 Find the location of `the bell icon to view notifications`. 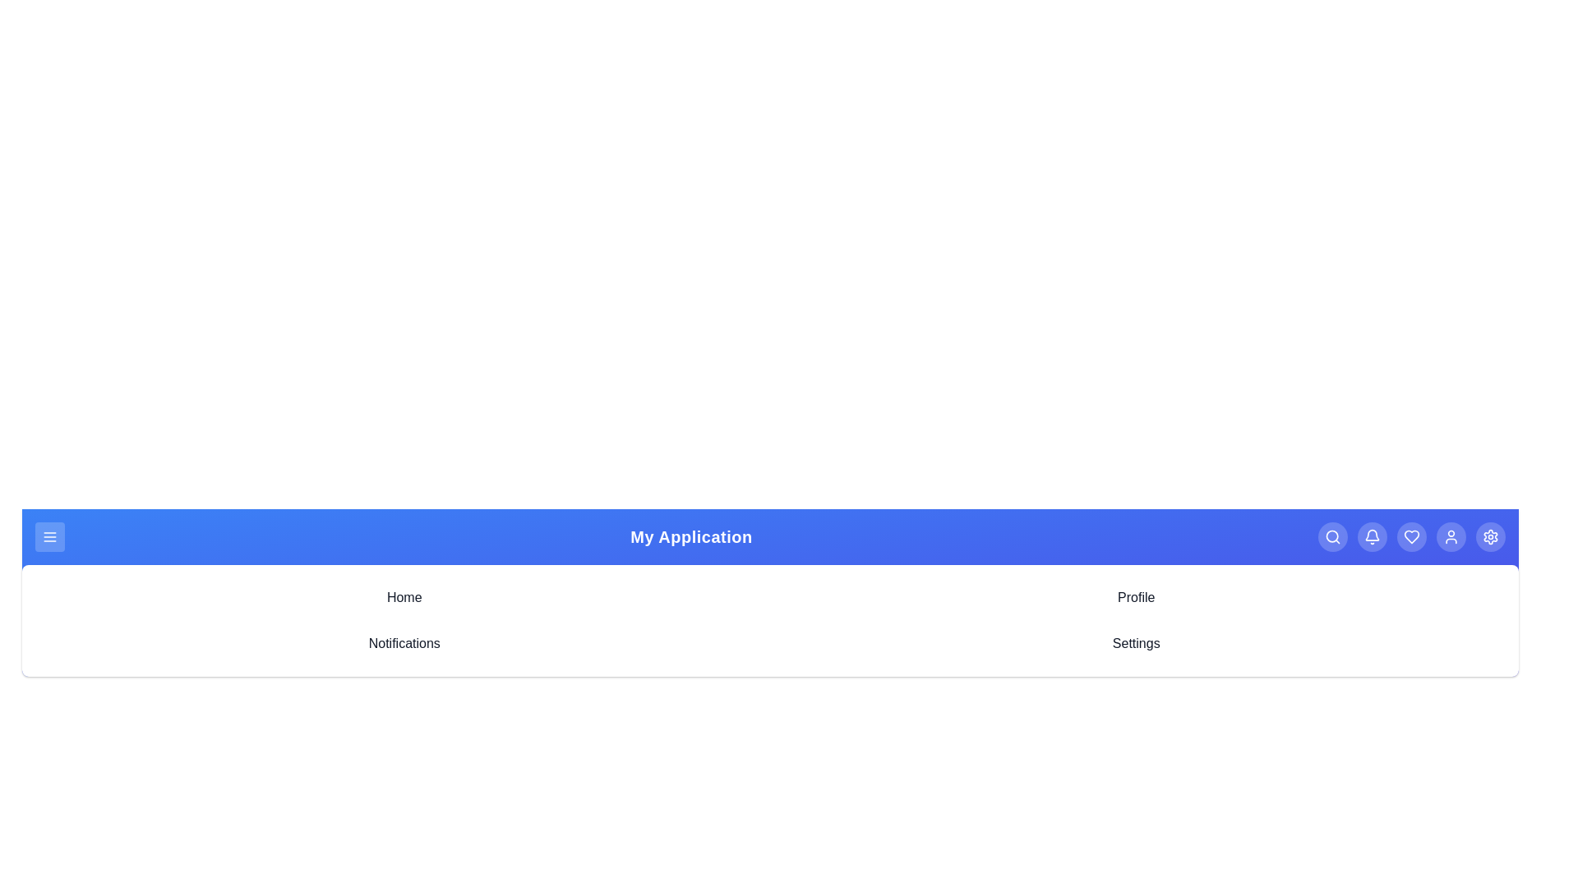

the bell icon to view notifications is located at coordinates (1373, 537).